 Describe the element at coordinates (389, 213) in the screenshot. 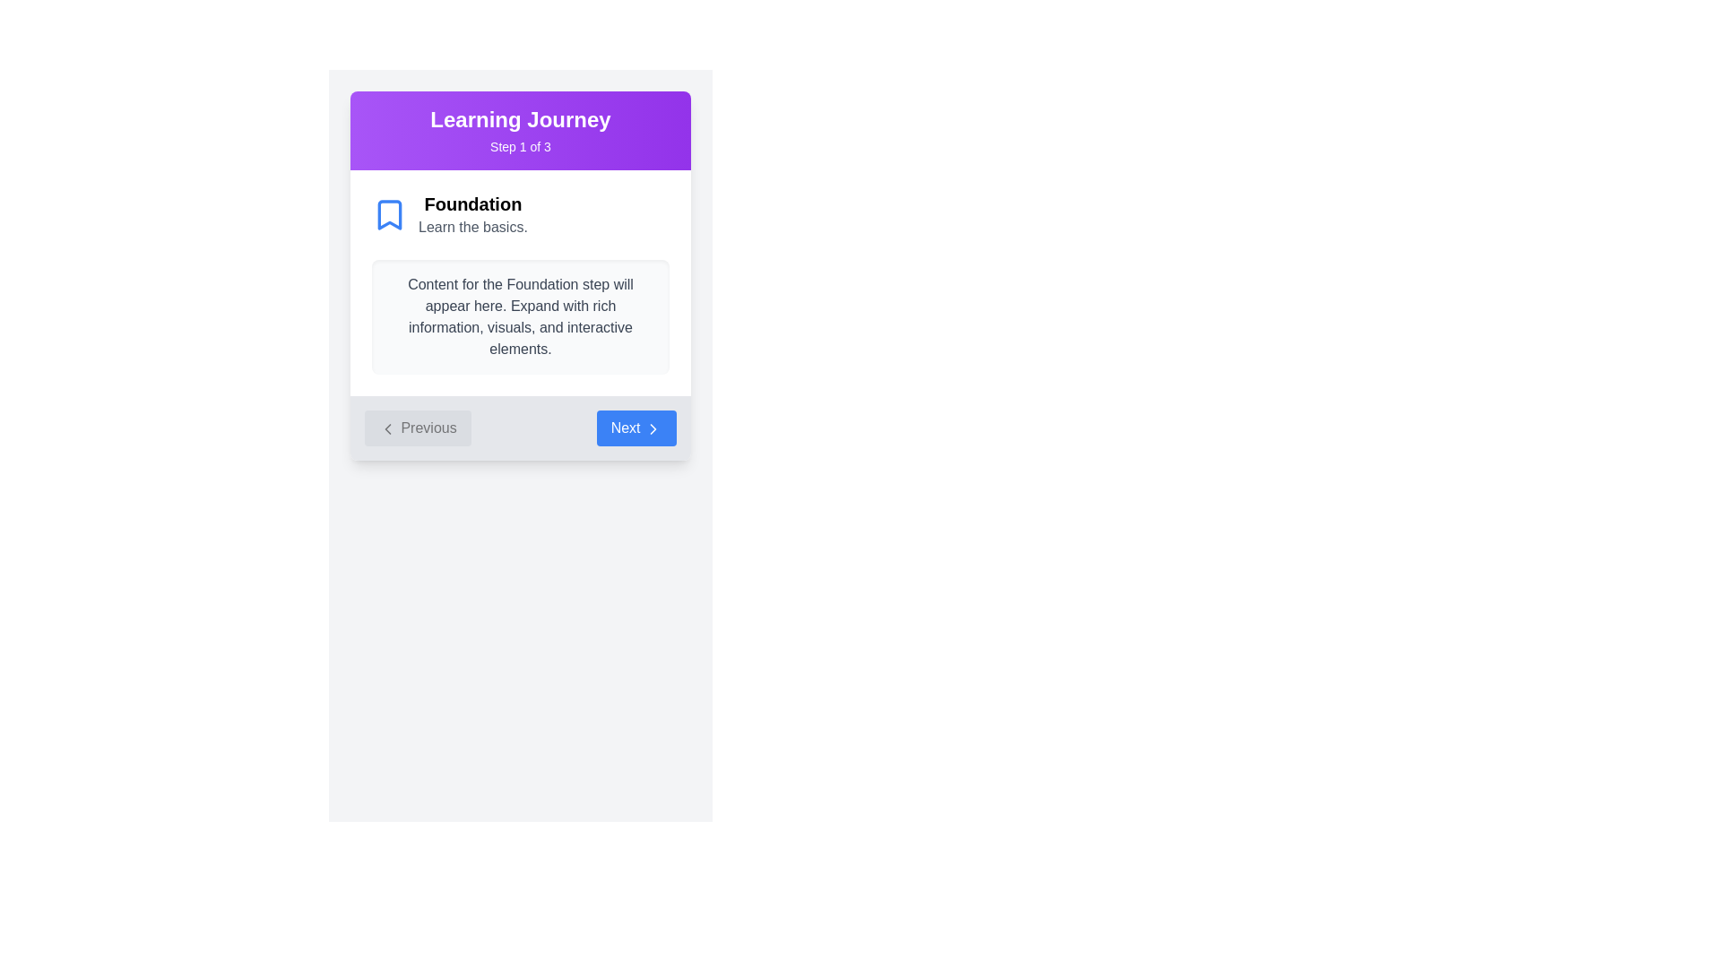

I see `the decorative icon located to the left of the heading 'Foundation' in the top half of the 'Learning Journey - Step 1 of 3' card section` at that location.